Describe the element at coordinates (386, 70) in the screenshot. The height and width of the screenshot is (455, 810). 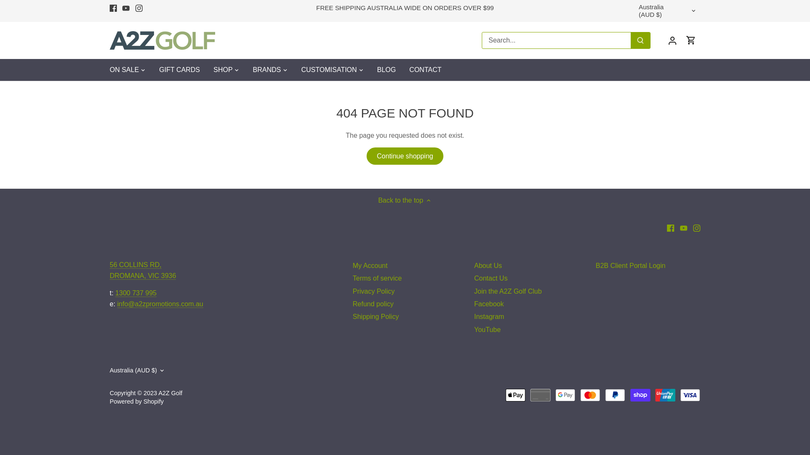
I see `'BLOG'` at that location.